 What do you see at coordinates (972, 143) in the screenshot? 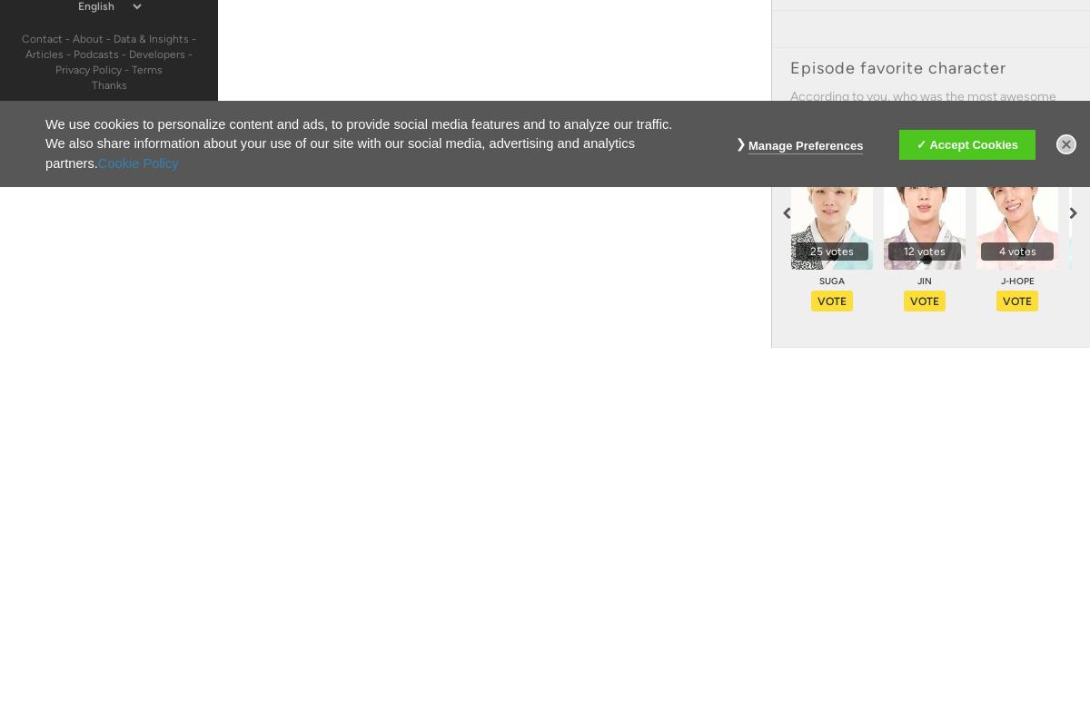
I see `'Accept Cookies'` at bounding box center [972, 143].